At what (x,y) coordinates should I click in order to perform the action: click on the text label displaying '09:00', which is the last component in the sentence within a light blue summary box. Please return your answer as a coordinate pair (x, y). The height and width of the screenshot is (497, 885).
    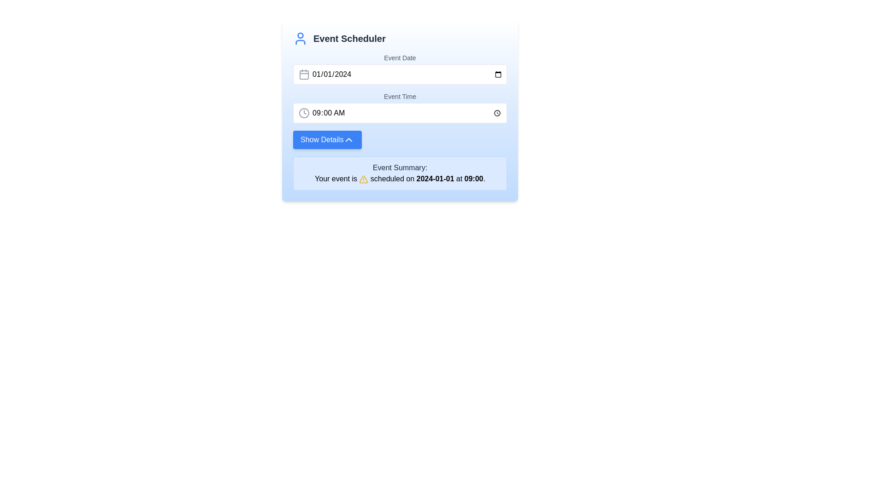
    Looking at the image, I should click on (473, 179).